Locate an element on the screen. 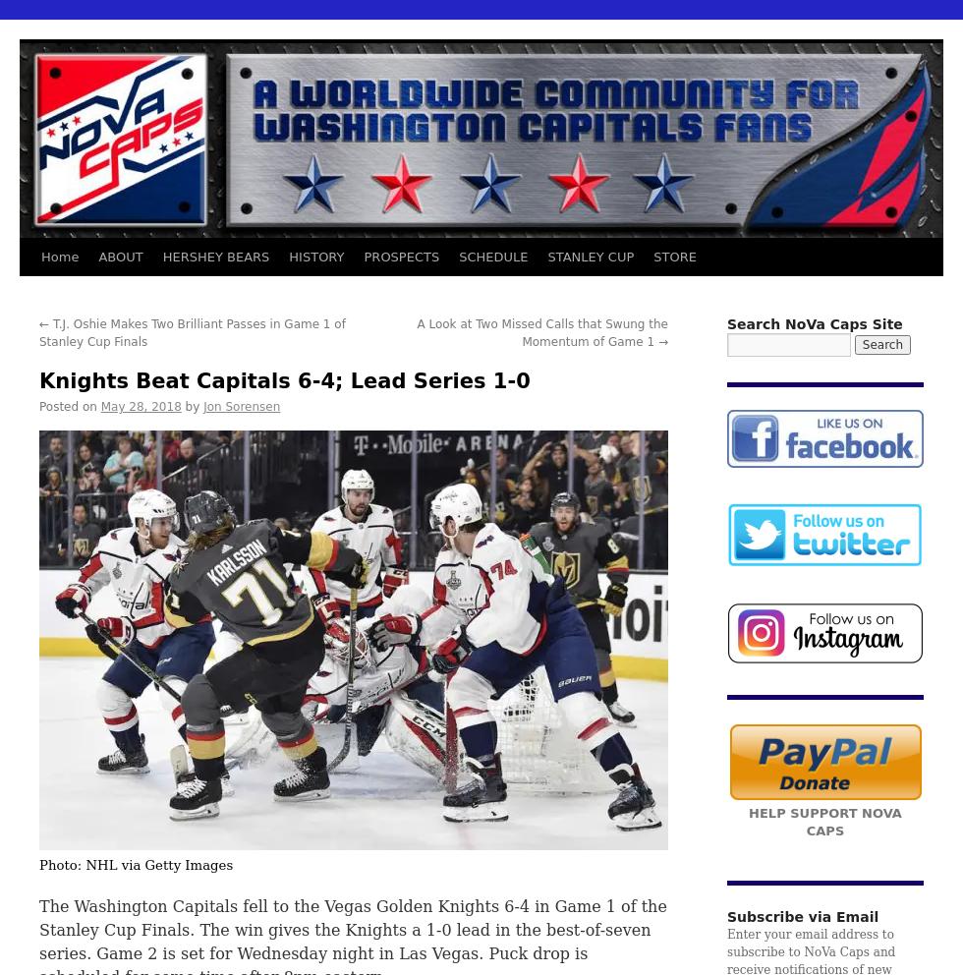 This screenshot has height=975, width=963. 'Posted on' is located at coordinates (67, 406).